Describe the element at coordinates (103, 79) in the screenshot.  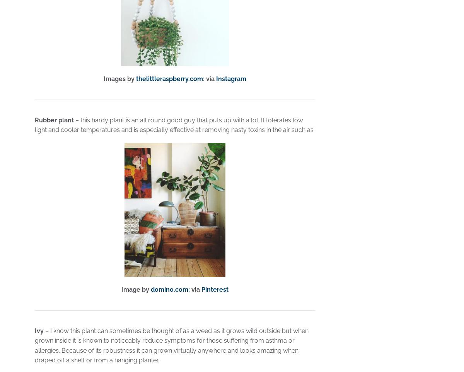
I see `'Images by'` at that location.